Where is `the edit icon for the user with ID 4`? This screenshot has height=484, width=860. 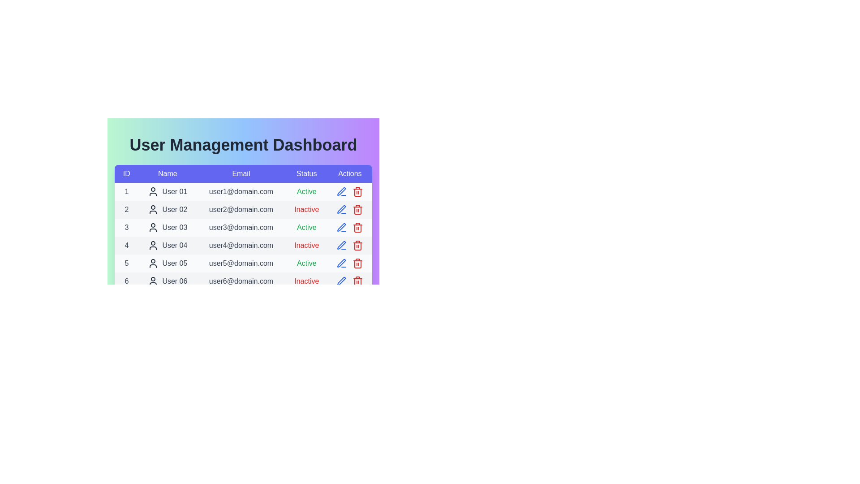 the edit icon for the user with ID 4 is located at coordinates (341, 245).